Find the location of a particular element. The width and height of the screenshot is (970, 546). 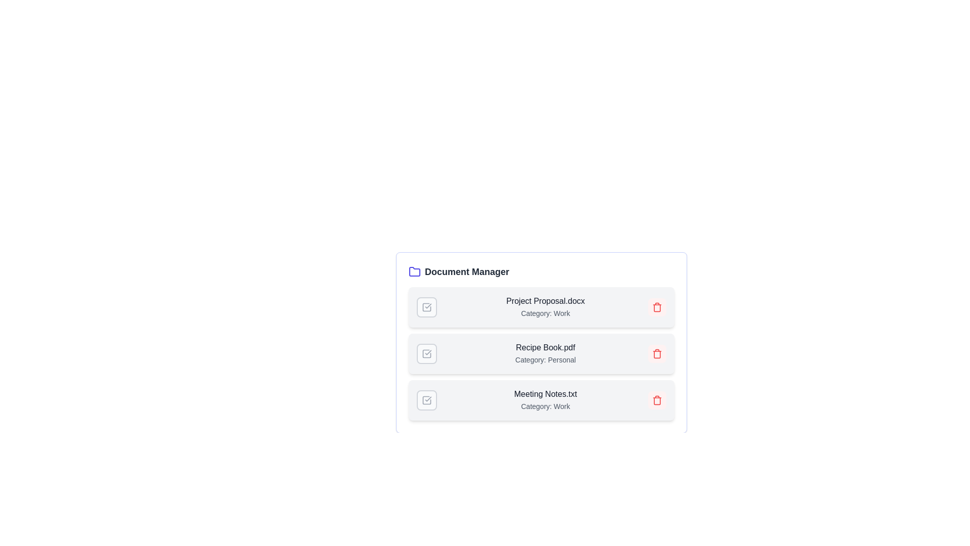

the blue folder icon located to the top-left of the 'Document Manager' label is located at coordinates (414, 271).